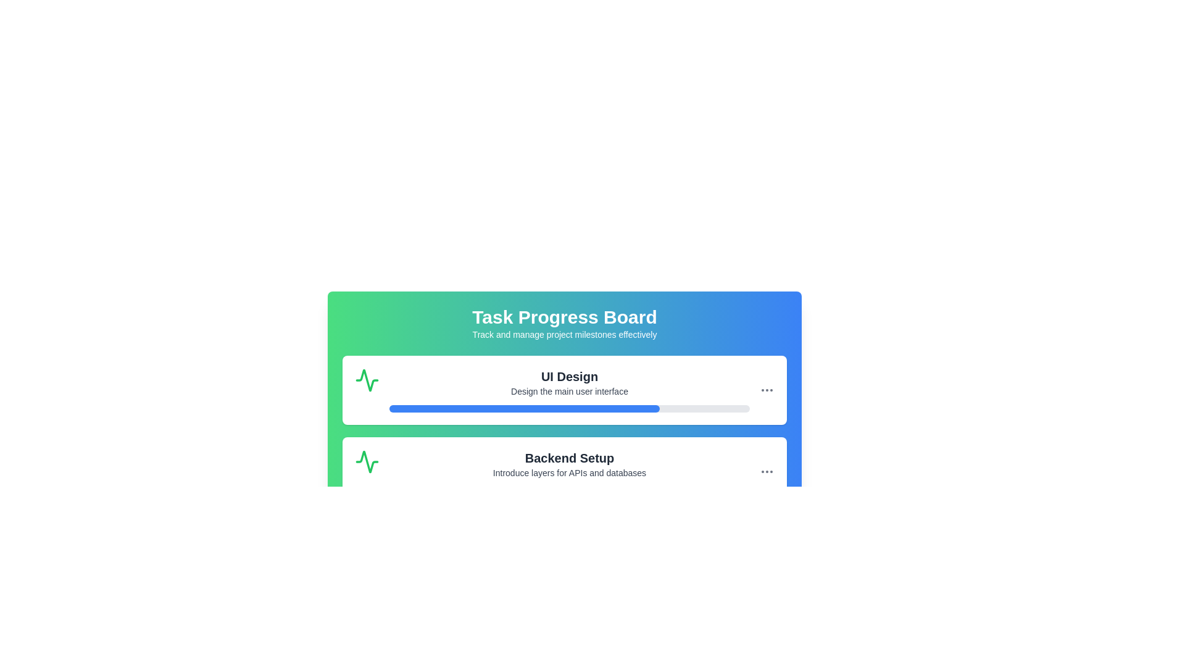 The width and height of the screenshot is (1185, 667). Describe the element at coordinates (568, 472) in the screenshot. I see `the static text element providing additional information about 'Backend Setup' located beneath the title text in the 'Task Progress Board' interface` at that location.